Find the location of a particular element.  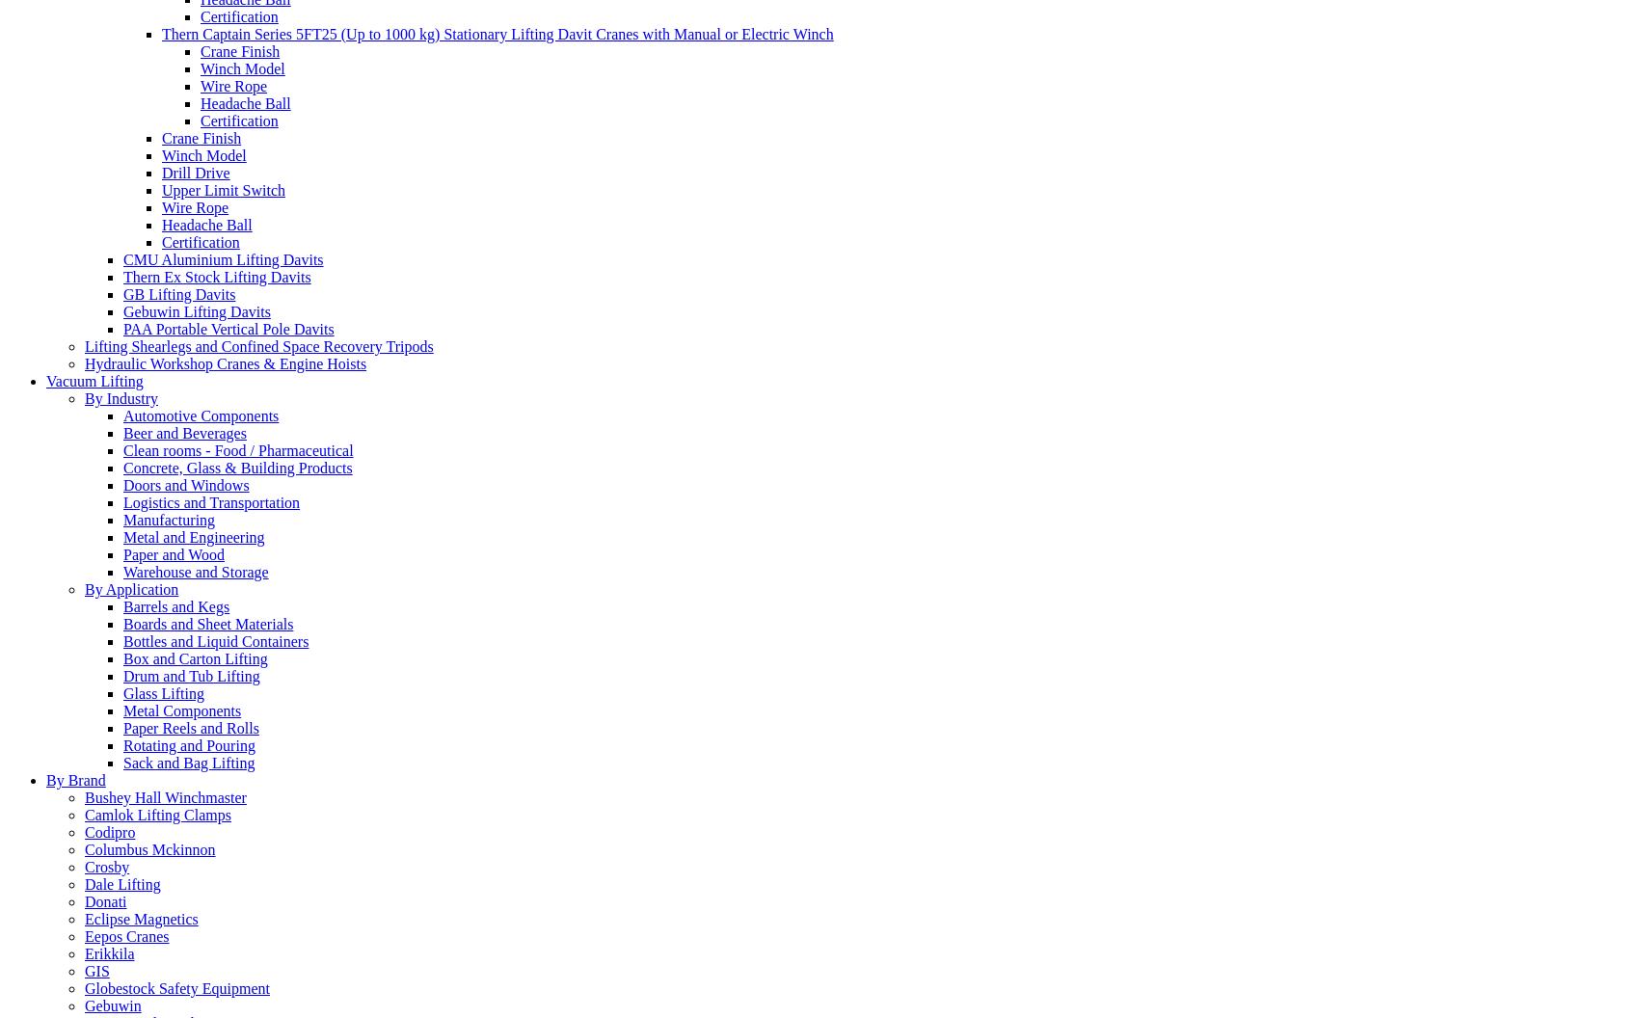

'Paper and Wood' is located at coordinates (173, 553).